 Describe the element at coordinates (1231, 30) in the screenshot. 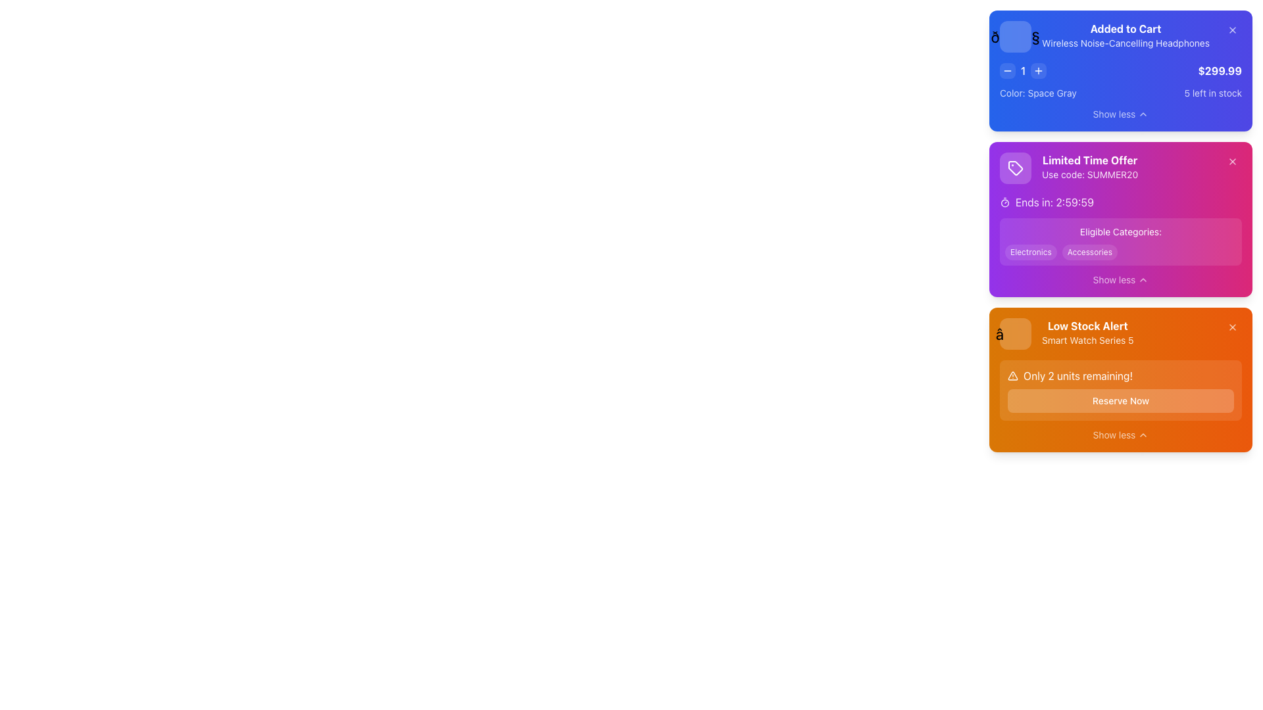

I see `the 'X' icon button in the top-right corner of the 'Added to Cart' card` at that location.